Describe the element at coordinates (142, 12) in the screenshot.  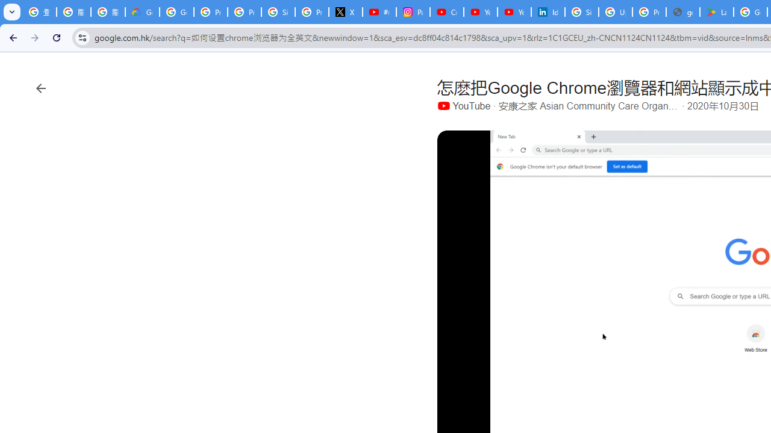
I see `'Google Cloud Privacy Notice'` at that location.